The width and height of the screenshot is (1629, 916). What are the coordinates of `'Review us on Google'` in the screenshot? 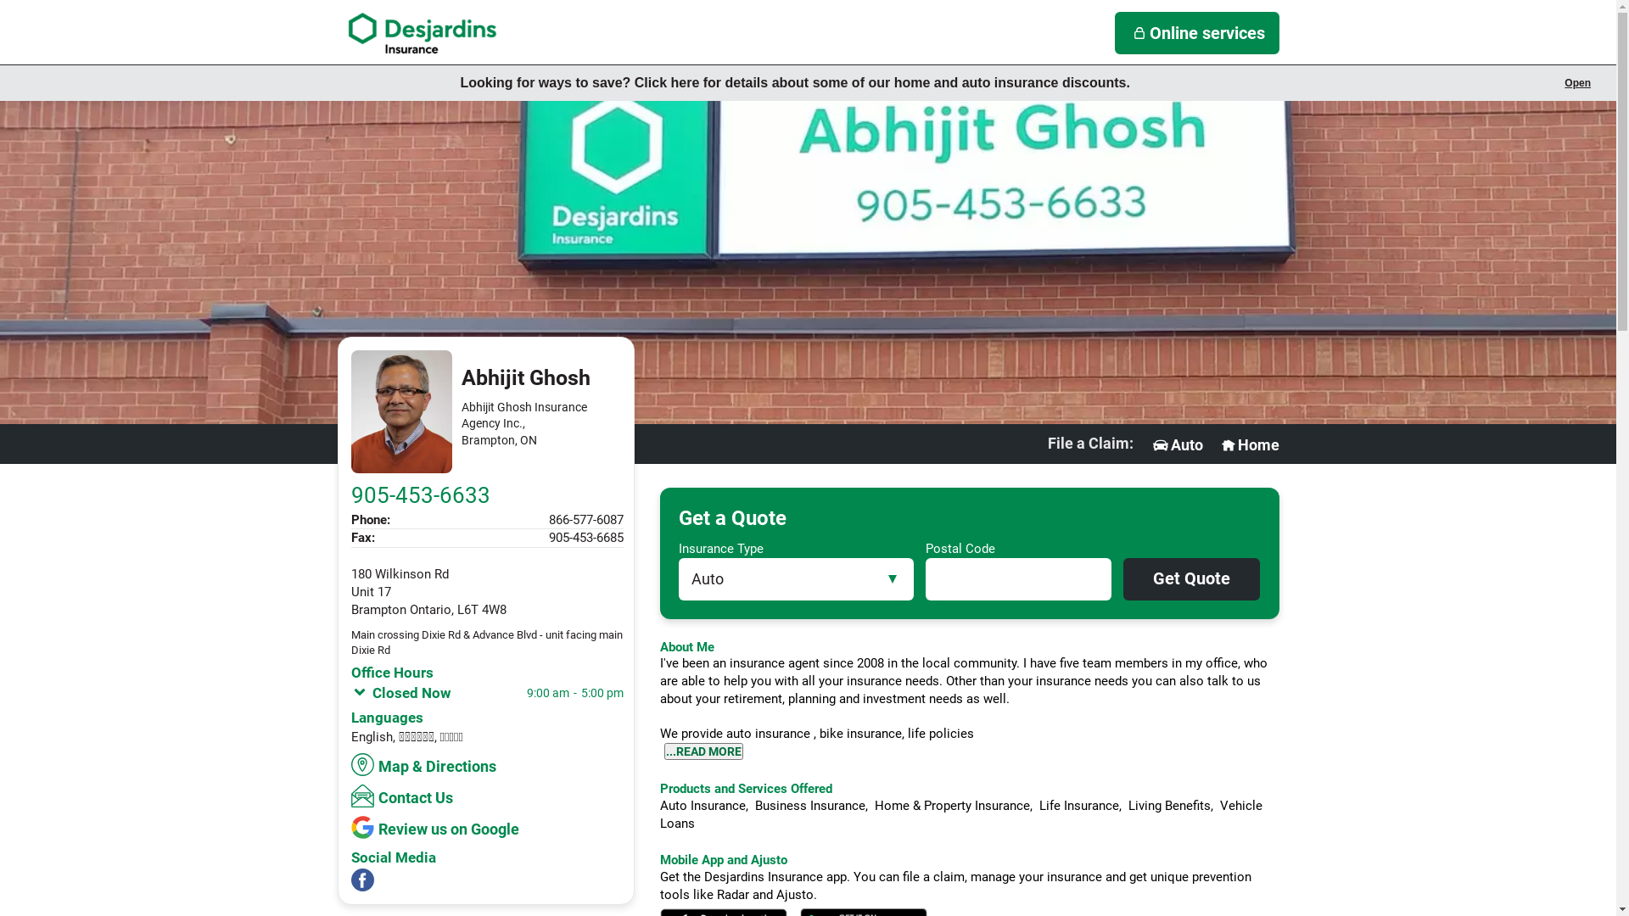 It's located at (437, 826).